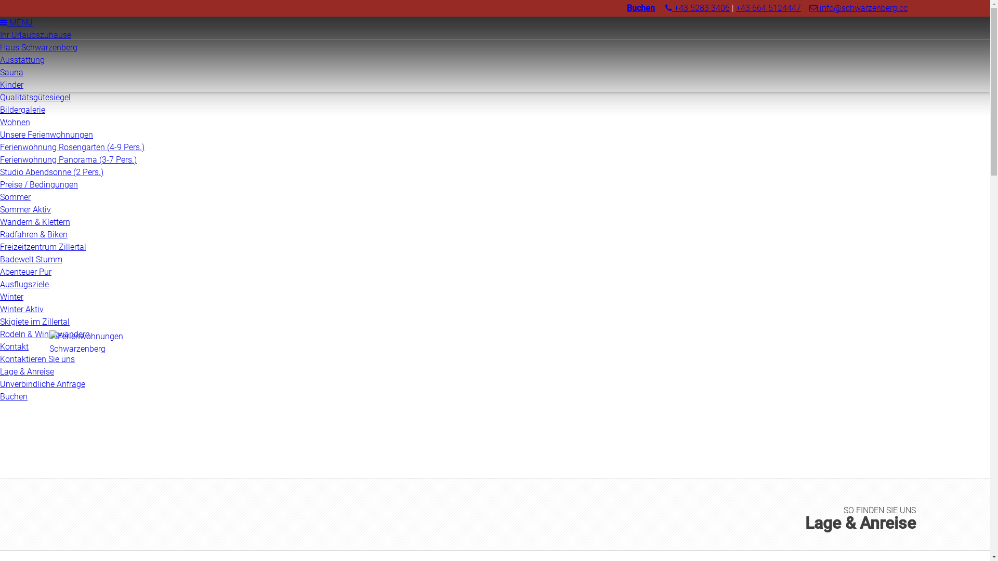 The image size is (998, 561). I want to click on 'Buchen', so click(14, 396).